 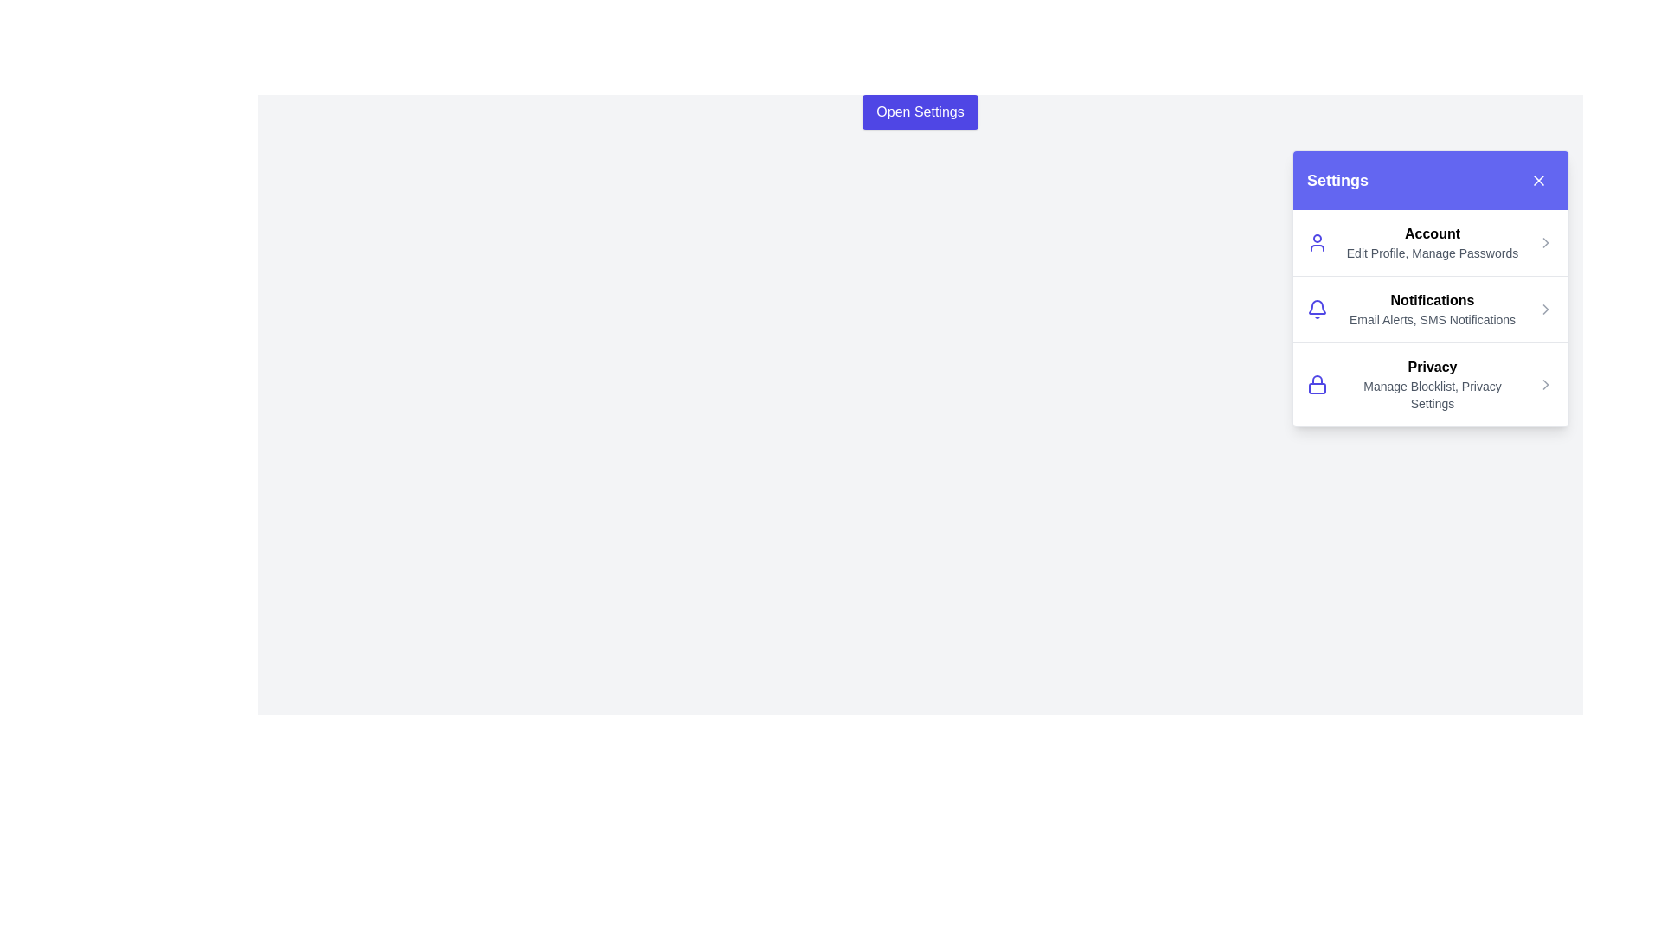 I want to click on the 'Account' Label in the 'Settings' menu, which precedes the text 'Edit Profile, Manage Passwords', so click(x=1433, y=233).